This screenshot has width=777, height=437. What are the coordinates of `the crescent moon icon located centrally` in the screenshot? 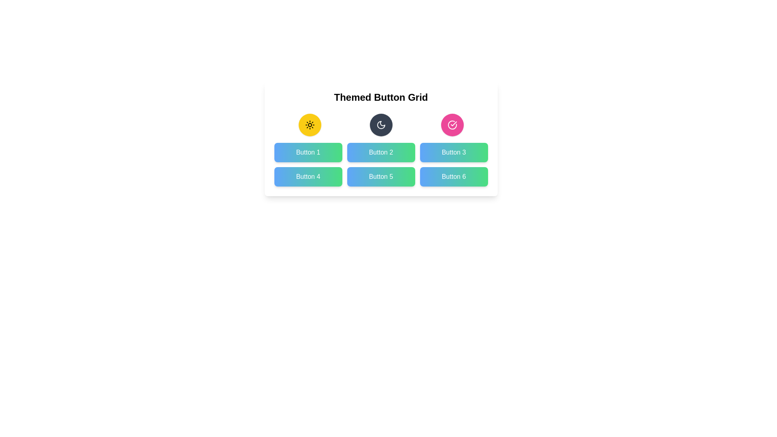 It's located at (380, 125).